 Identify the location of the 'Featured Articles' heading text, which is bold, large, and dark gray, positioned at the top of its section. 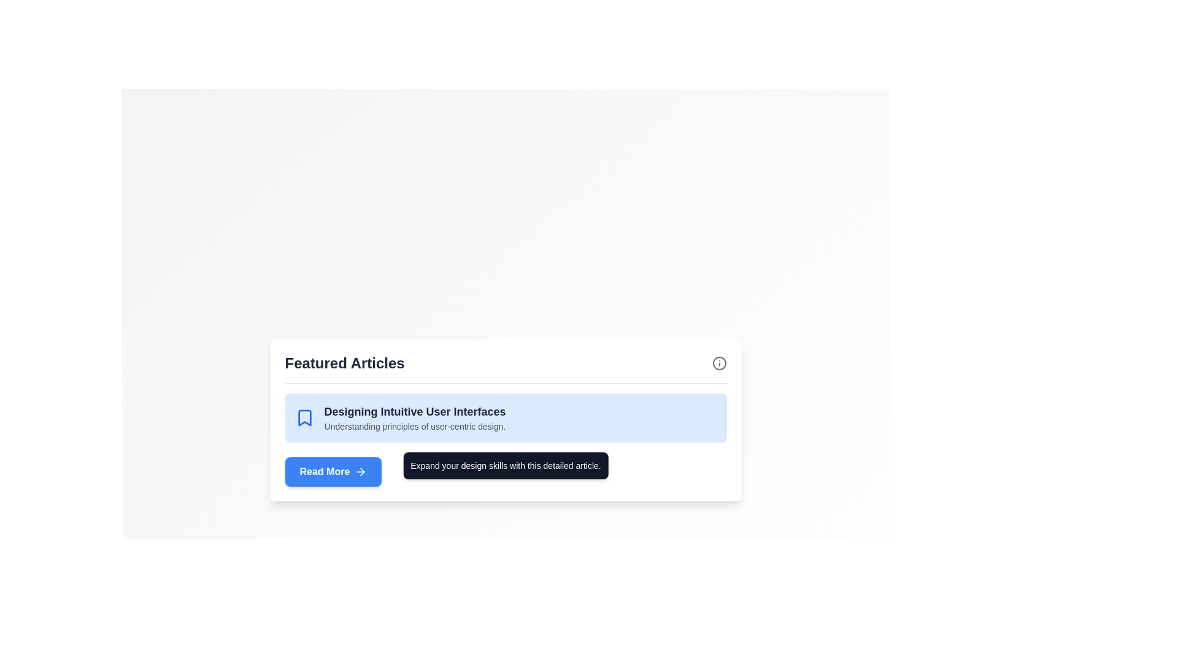
(344, 362).